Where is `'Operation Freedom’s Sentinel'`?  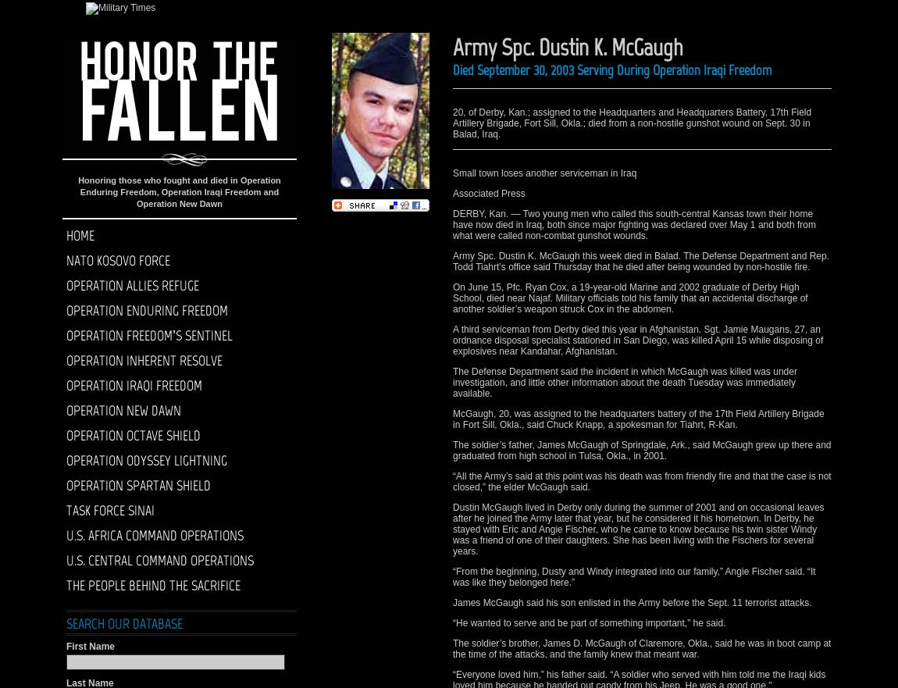 'Operation Freedom’s Sentinel' is located at coordinates (148, 335).